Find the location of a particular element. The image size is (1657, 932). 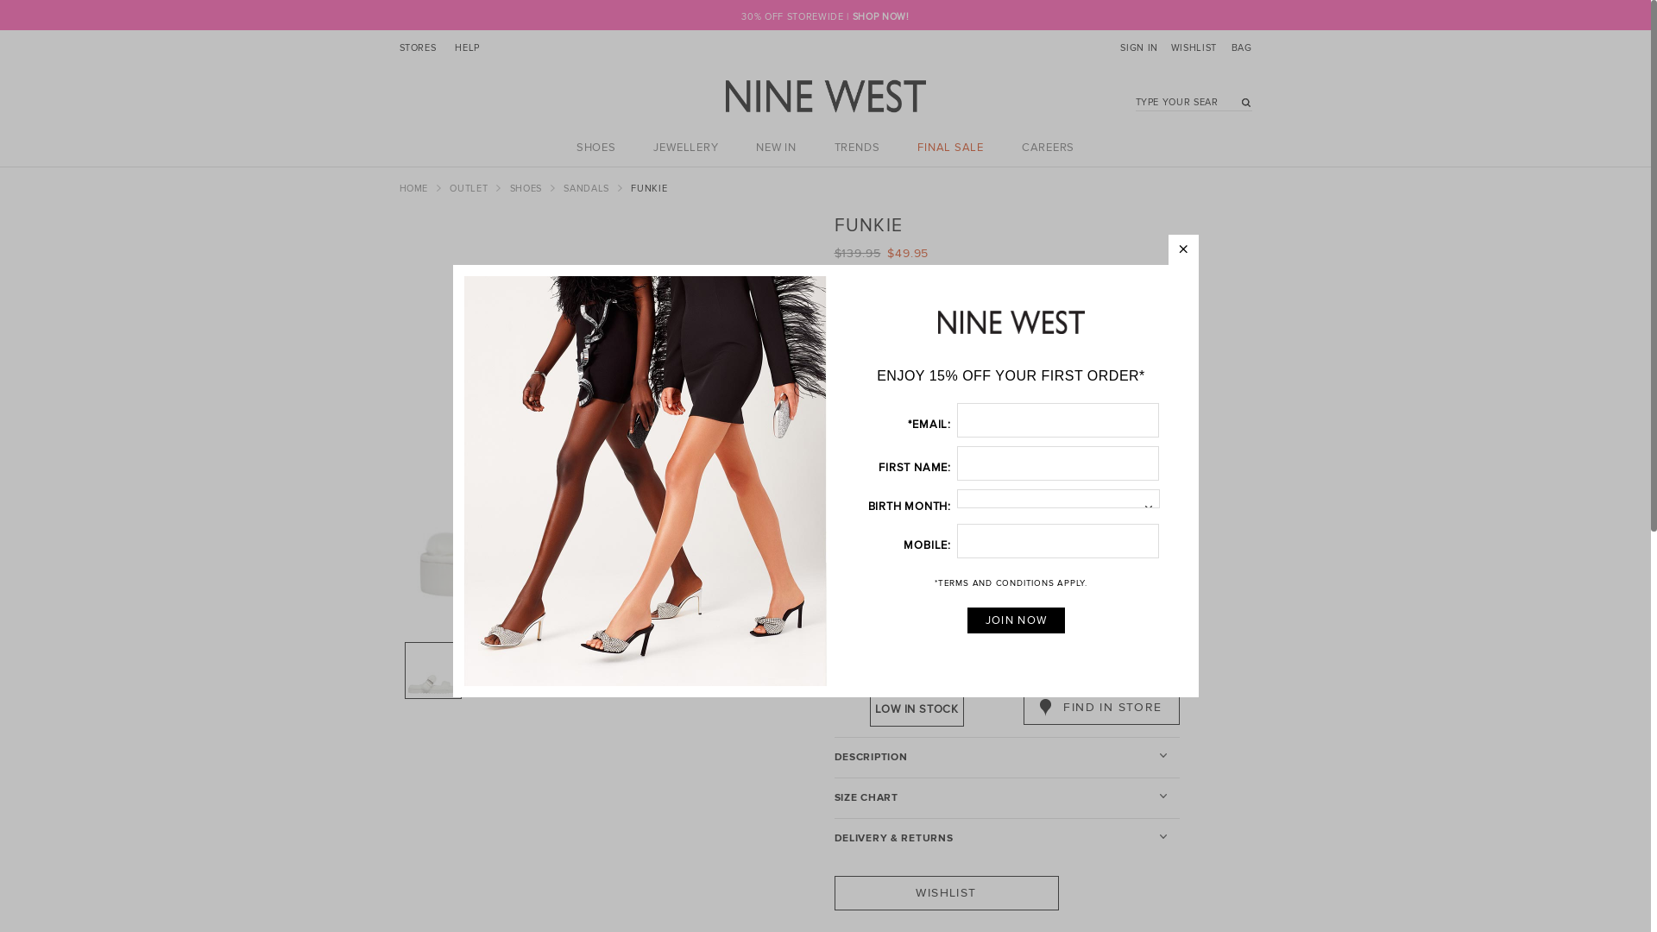

'SIGN IN' is located at coordinates (1119, 48).